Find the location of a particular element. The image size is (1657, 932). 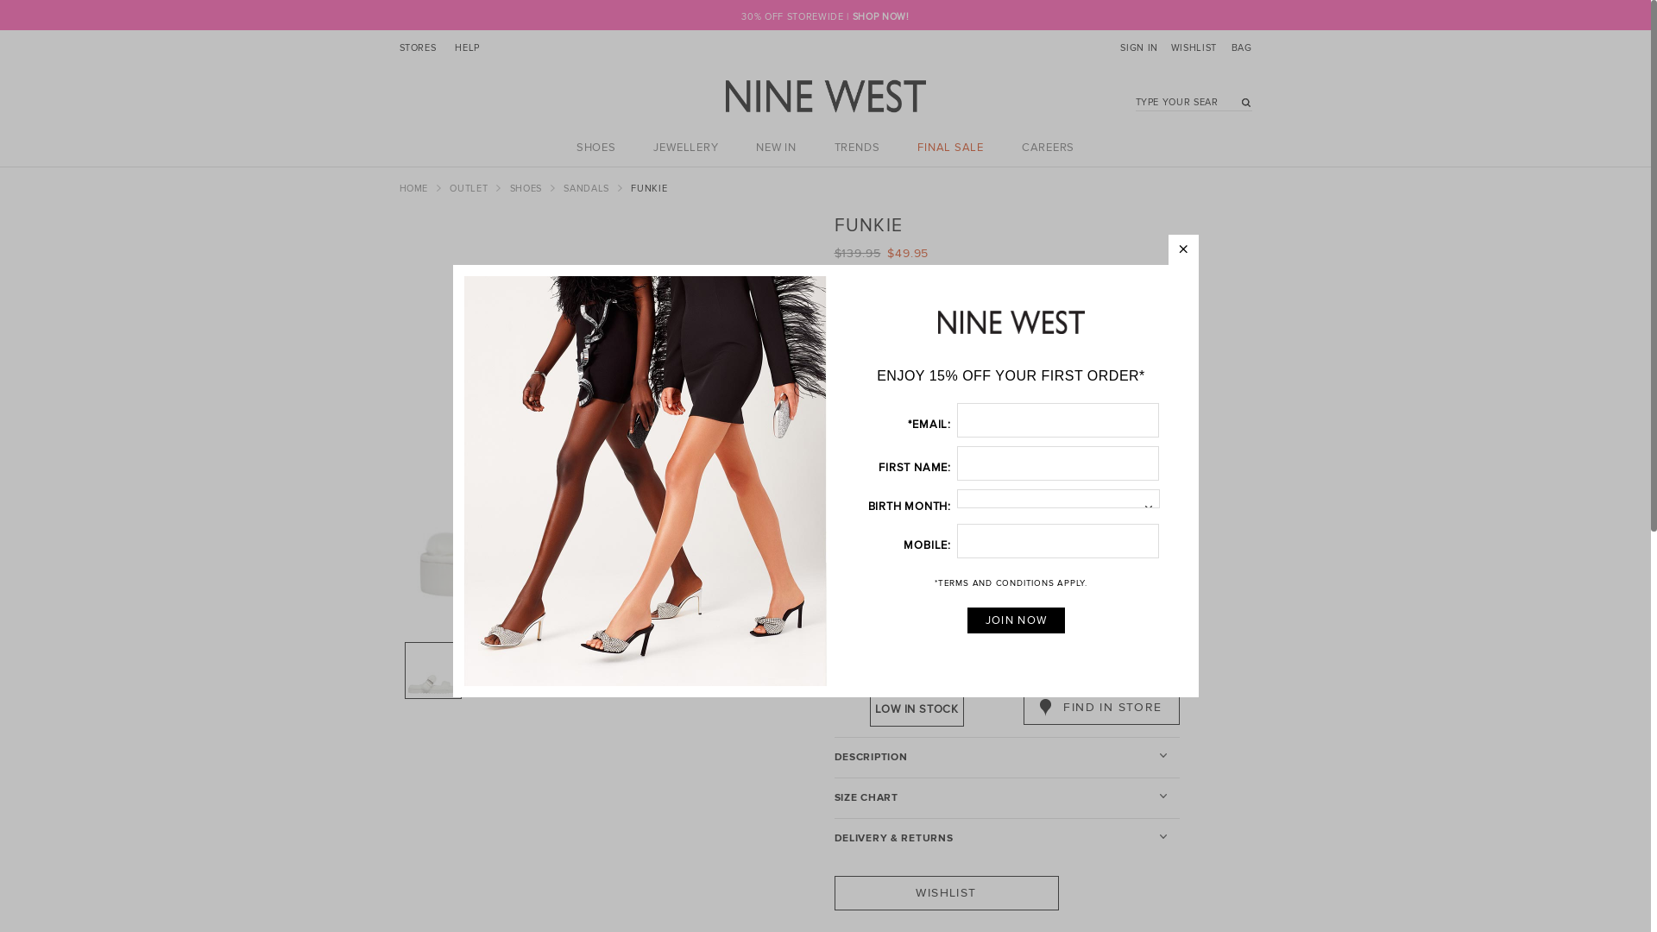

'SIGN IN' is located at coordinates (1119, 48).